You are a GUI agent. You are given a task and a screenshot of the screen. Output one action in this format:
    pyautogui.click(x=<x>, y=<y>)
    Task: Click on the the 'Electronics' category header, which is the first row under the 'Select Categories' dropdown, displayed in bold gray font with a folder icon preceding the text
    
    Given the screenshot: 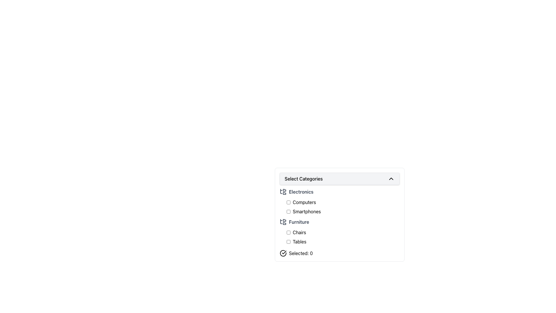 What is the action you would take?
    pyautogui.click(x=339, y=192)
    